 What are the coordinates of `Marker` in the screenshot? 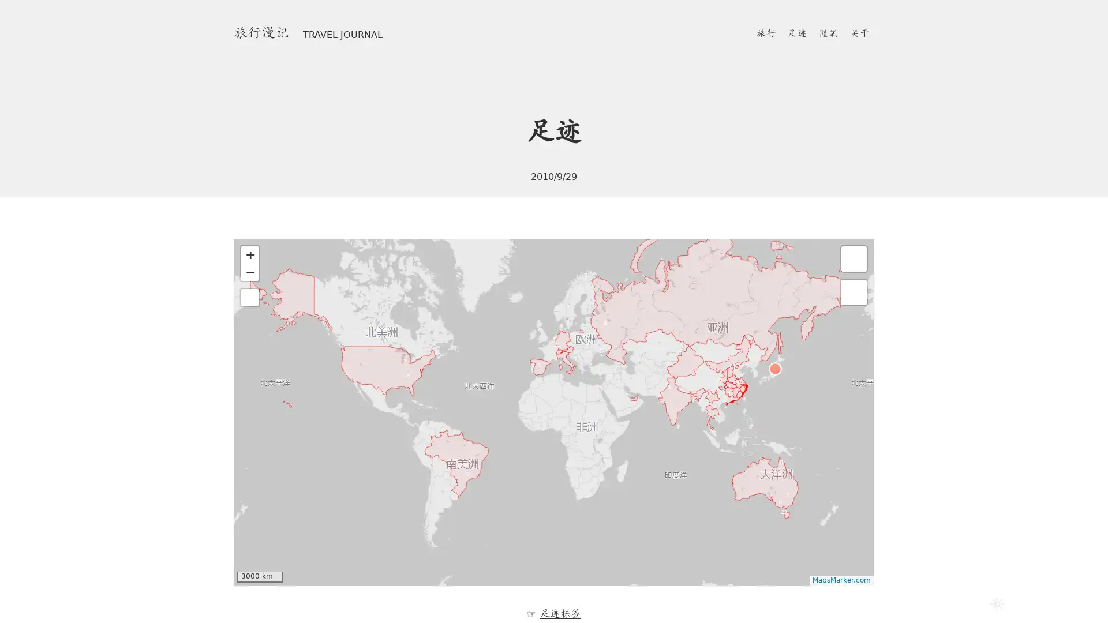 It's located at (664, 399).